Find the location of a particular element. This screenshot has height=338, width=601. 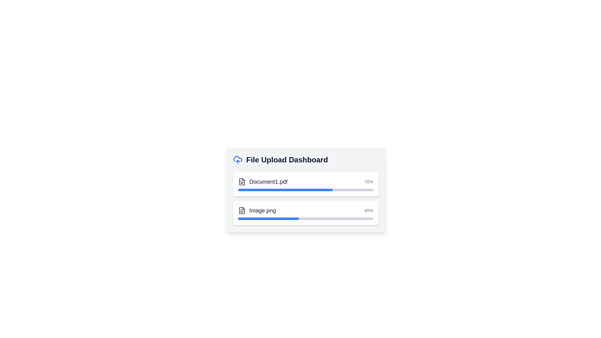

the small, square gray outline icon resembling a document located to the left of the text 'Document1.pdf' to inspect file details is located at coordinates (241, 182).